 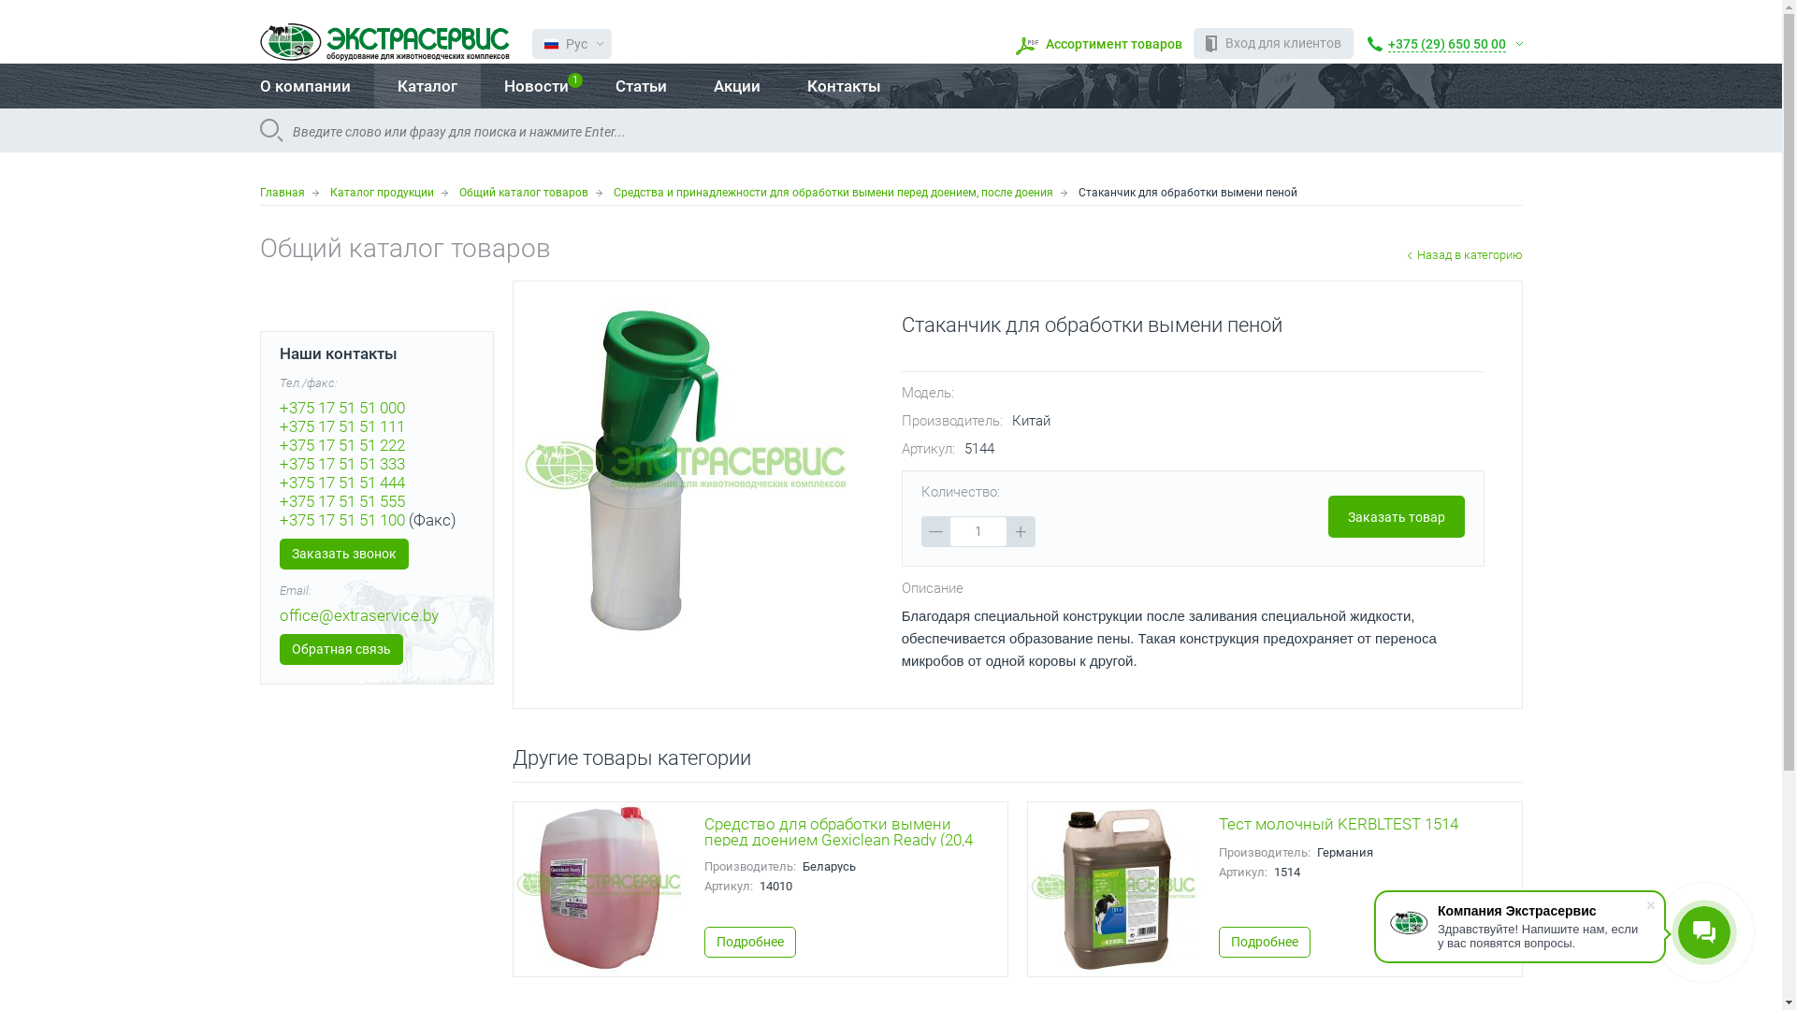 What do you see at coordinates (340, 519) in the screenshot?
I see `'+375 17 51 51 100'` at bounding box center [340, 519].